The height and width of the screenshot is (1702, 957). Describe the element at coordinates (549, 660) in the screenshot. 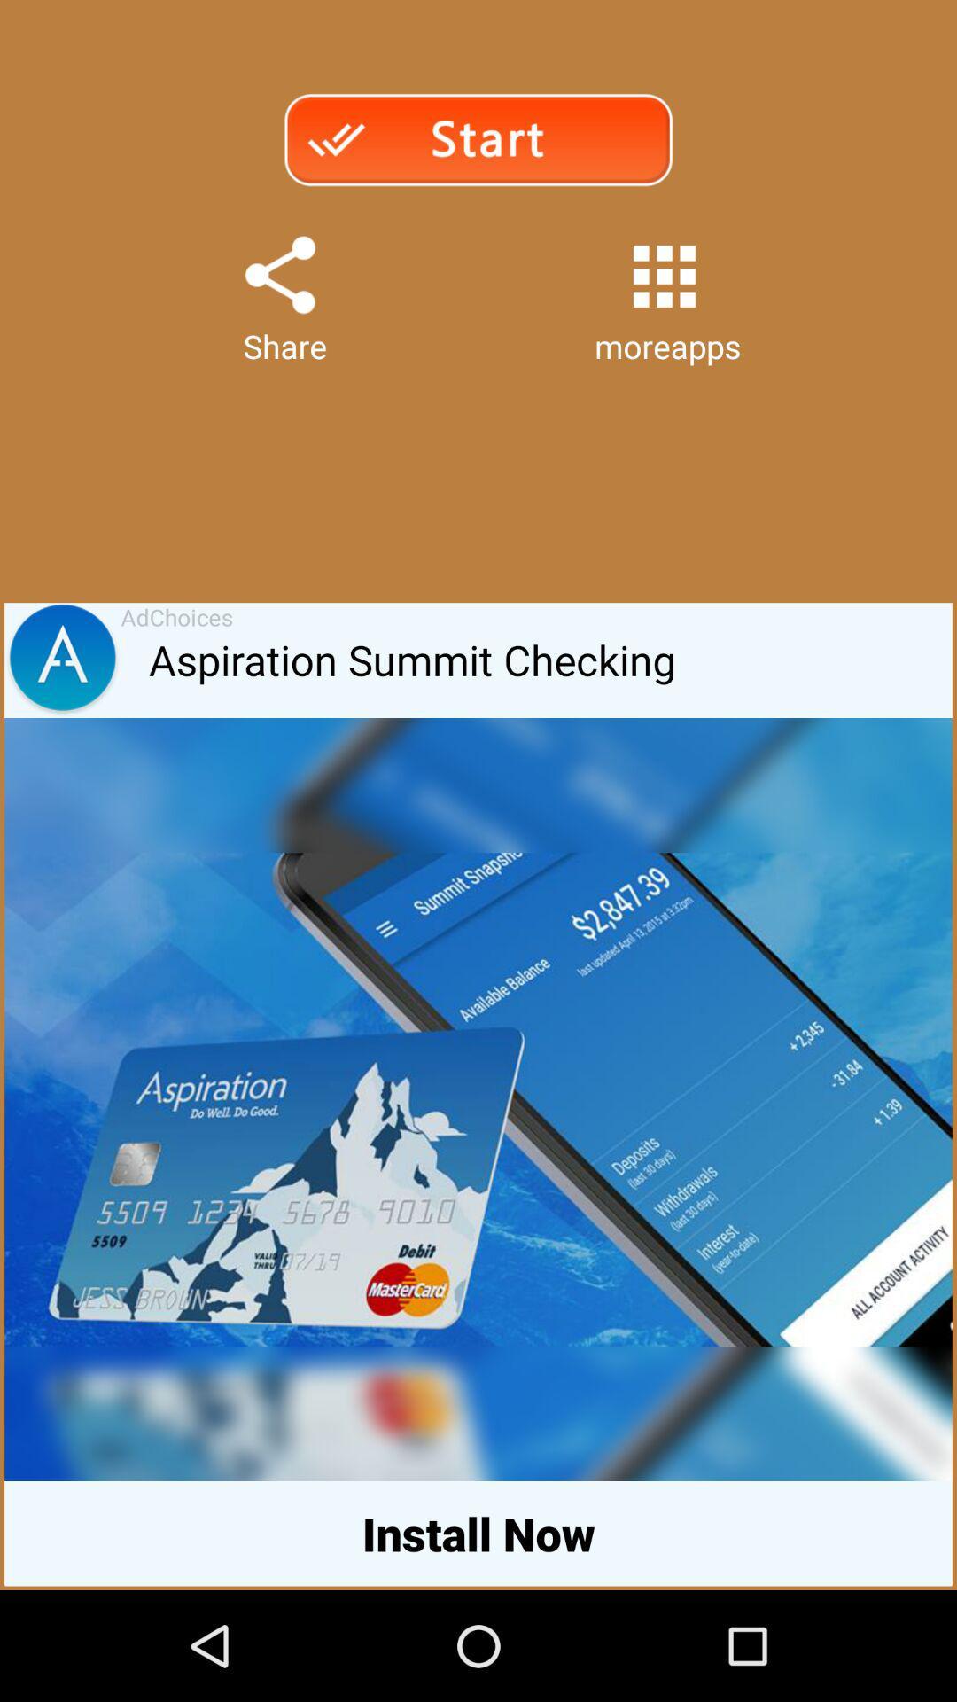

I see `the aspiration summit checking icon` at that location.